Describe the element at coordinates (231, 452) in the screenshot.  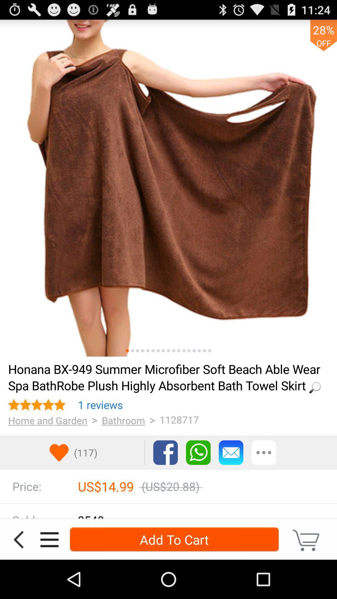
I see `contact through email` at that location.